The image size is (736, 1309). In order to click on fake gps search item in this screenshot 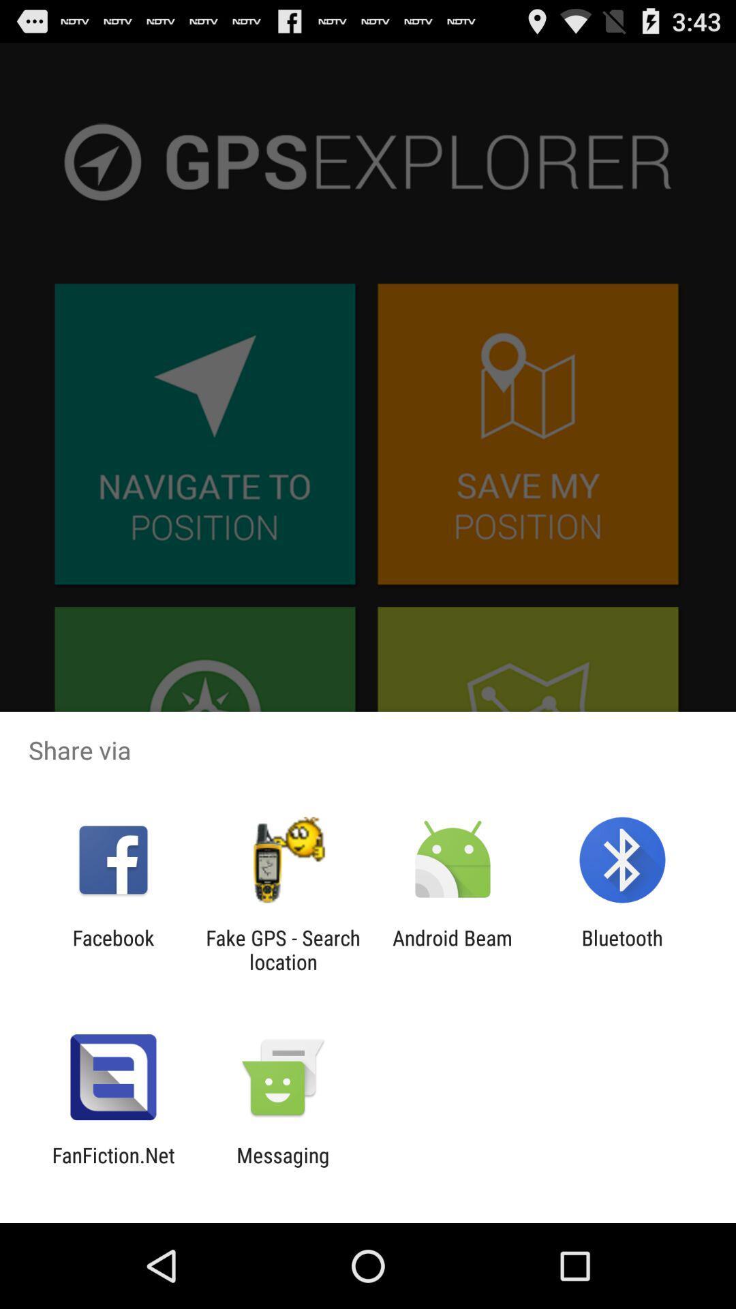, I will do `click(282, 949)`.